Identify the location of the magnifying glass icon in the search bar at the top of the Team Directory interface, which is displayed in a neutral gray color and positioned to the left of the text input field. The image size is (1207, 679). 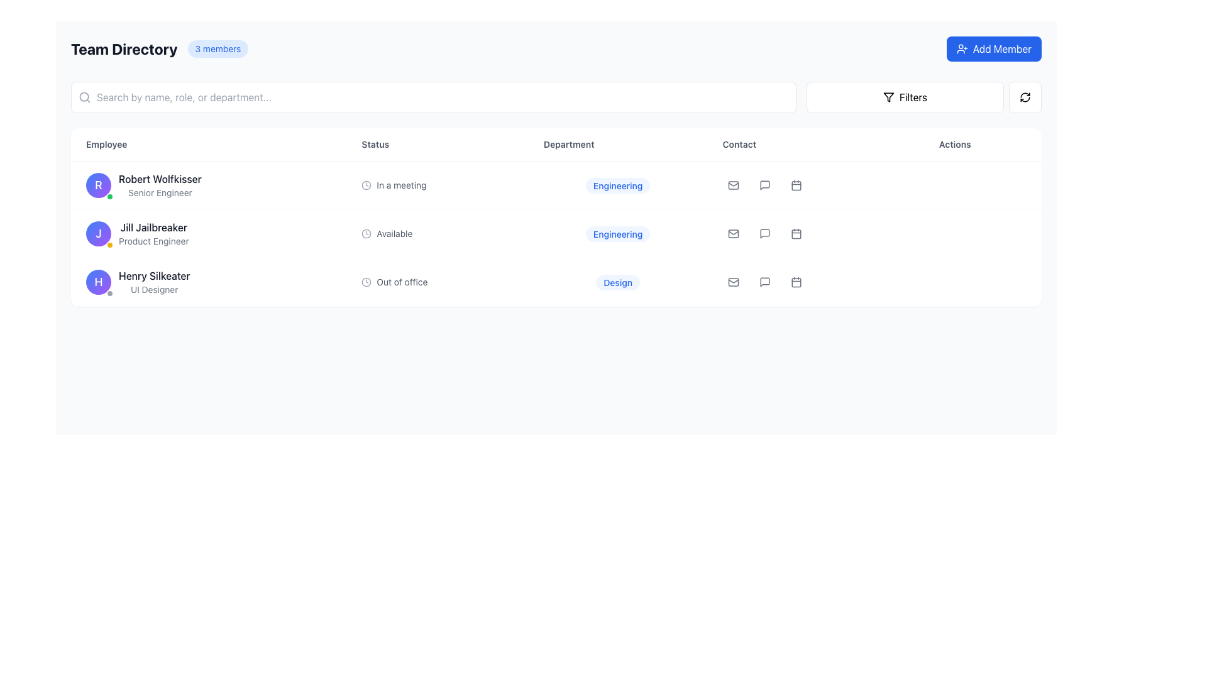
(84, 96).